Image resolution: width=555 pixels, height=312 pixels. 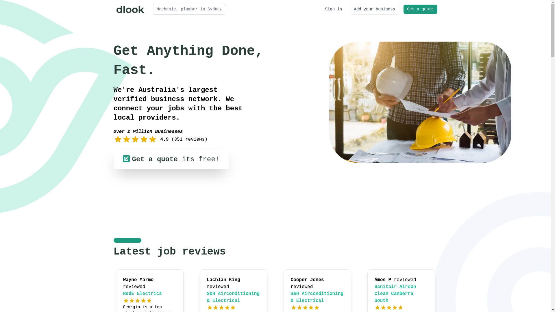 I want to click on 'Add your business', so click(x=374, y=9).